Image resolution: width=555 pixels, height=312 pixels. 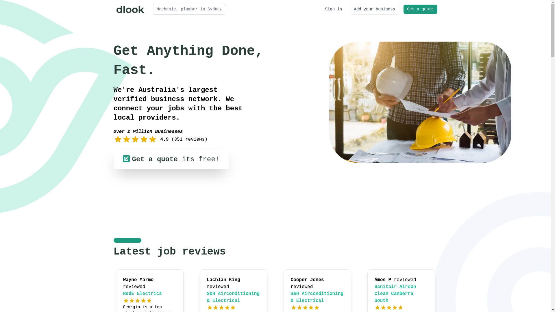 I want to click on 'Add your business', so click(x=374, y=9).